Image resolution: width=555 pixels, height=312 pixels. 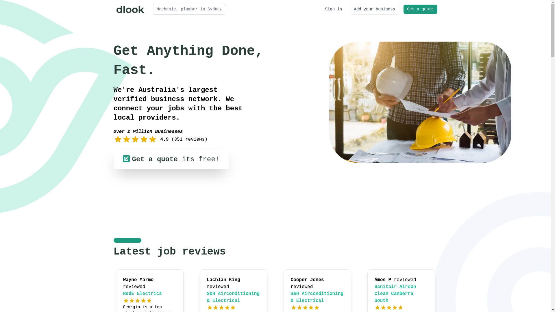 I want to click on 'Add your business', so click(x=374, y=9).